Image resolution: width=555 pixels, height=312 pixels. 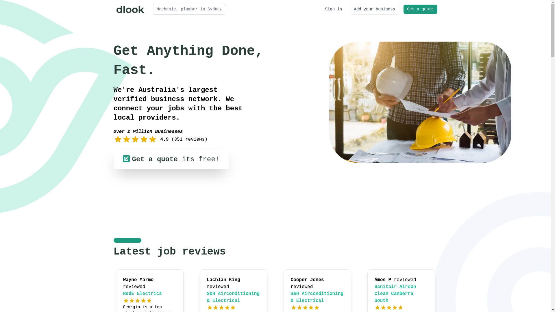 I want to click on 'Add your business', so click(x=374, y=9).